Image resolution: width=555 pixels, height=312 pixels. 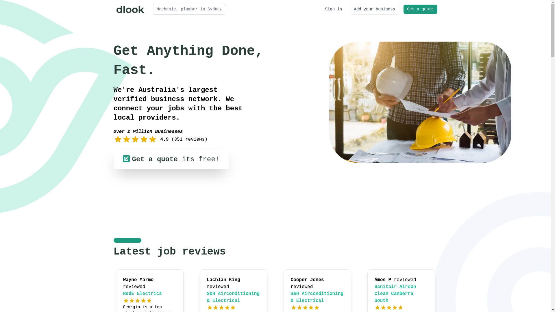 I want to click on 'Add your business', so click(x=374, y=9).